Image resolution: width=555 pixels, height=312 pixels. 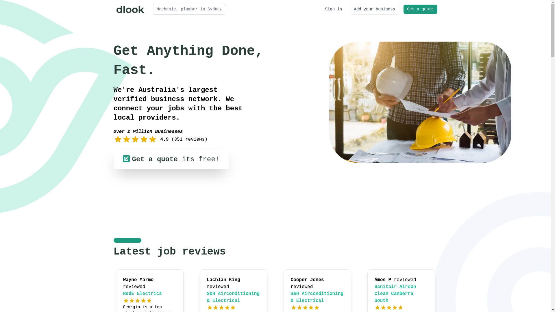 I want to click on 'Add your business', so click(x=374, y=9).